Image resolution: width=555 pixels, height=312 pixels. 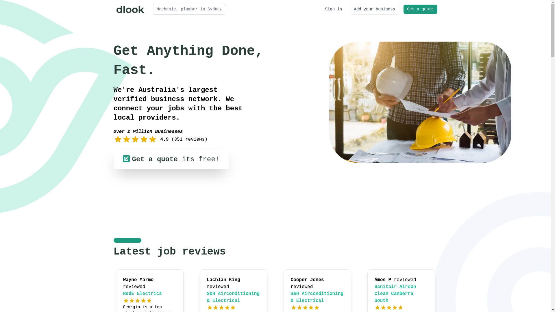 I want to click on 'Add your business', so click(x=374, y=9).